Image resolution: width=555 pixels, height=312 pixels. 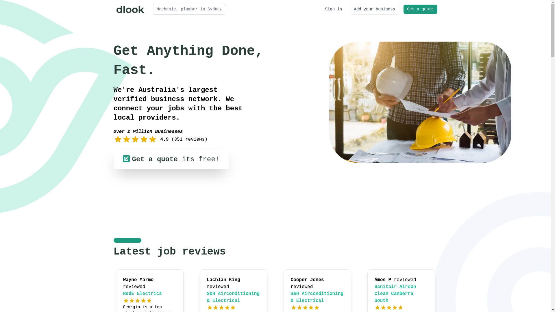 I want to click on 'Add your business', so click(x=374, y=9).